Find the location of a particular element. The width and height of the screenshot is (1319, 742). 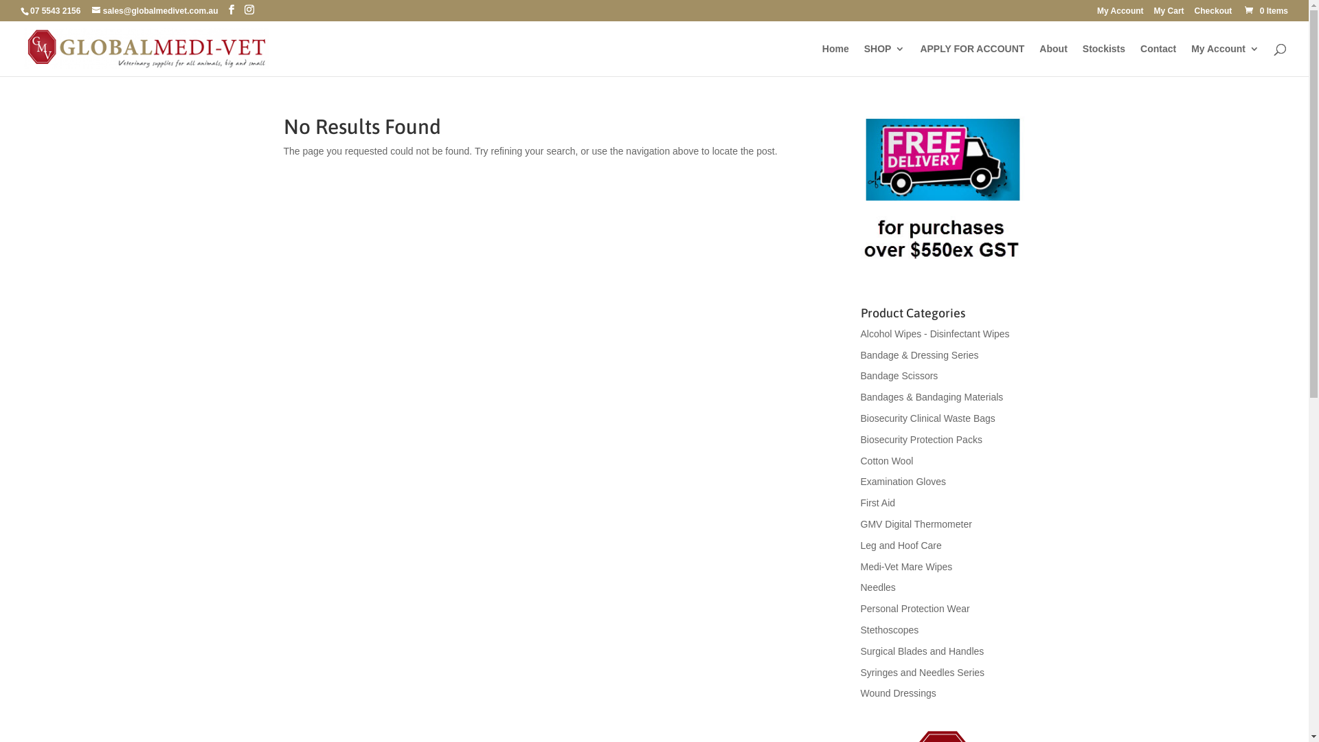

'Stethoscopes' is located at coordinates (889, 630).